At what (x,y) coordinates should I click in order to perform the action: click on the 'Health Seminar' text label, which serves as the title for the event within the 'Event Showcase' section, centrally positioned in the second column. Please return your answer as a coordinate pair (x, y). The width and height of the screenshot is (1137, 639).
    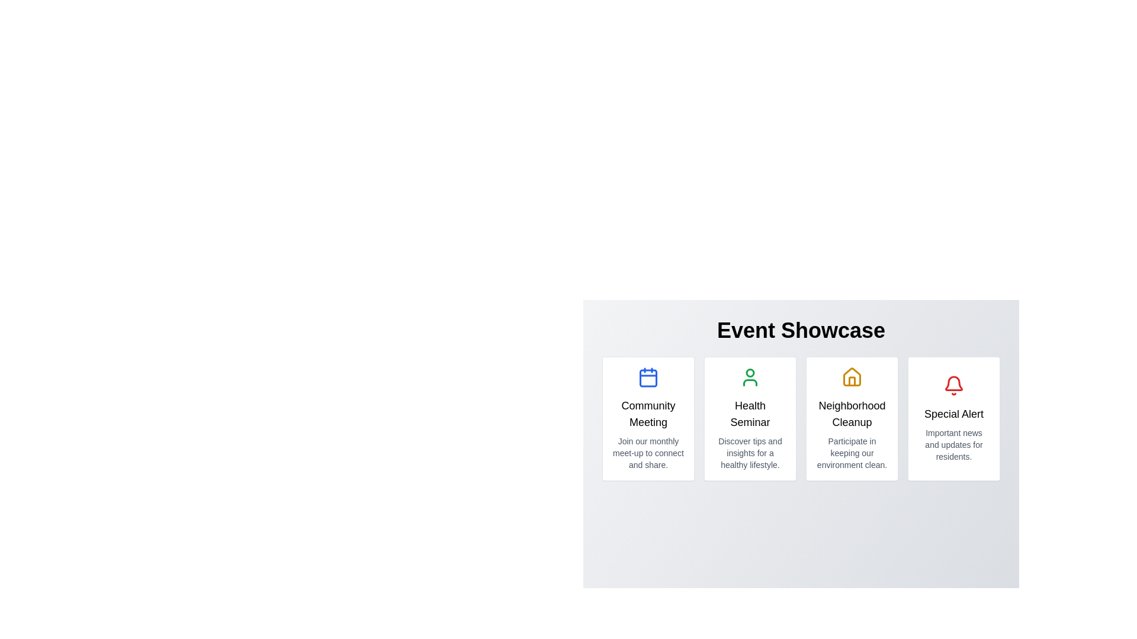
    Looking at the image, I should click on (750, 413).